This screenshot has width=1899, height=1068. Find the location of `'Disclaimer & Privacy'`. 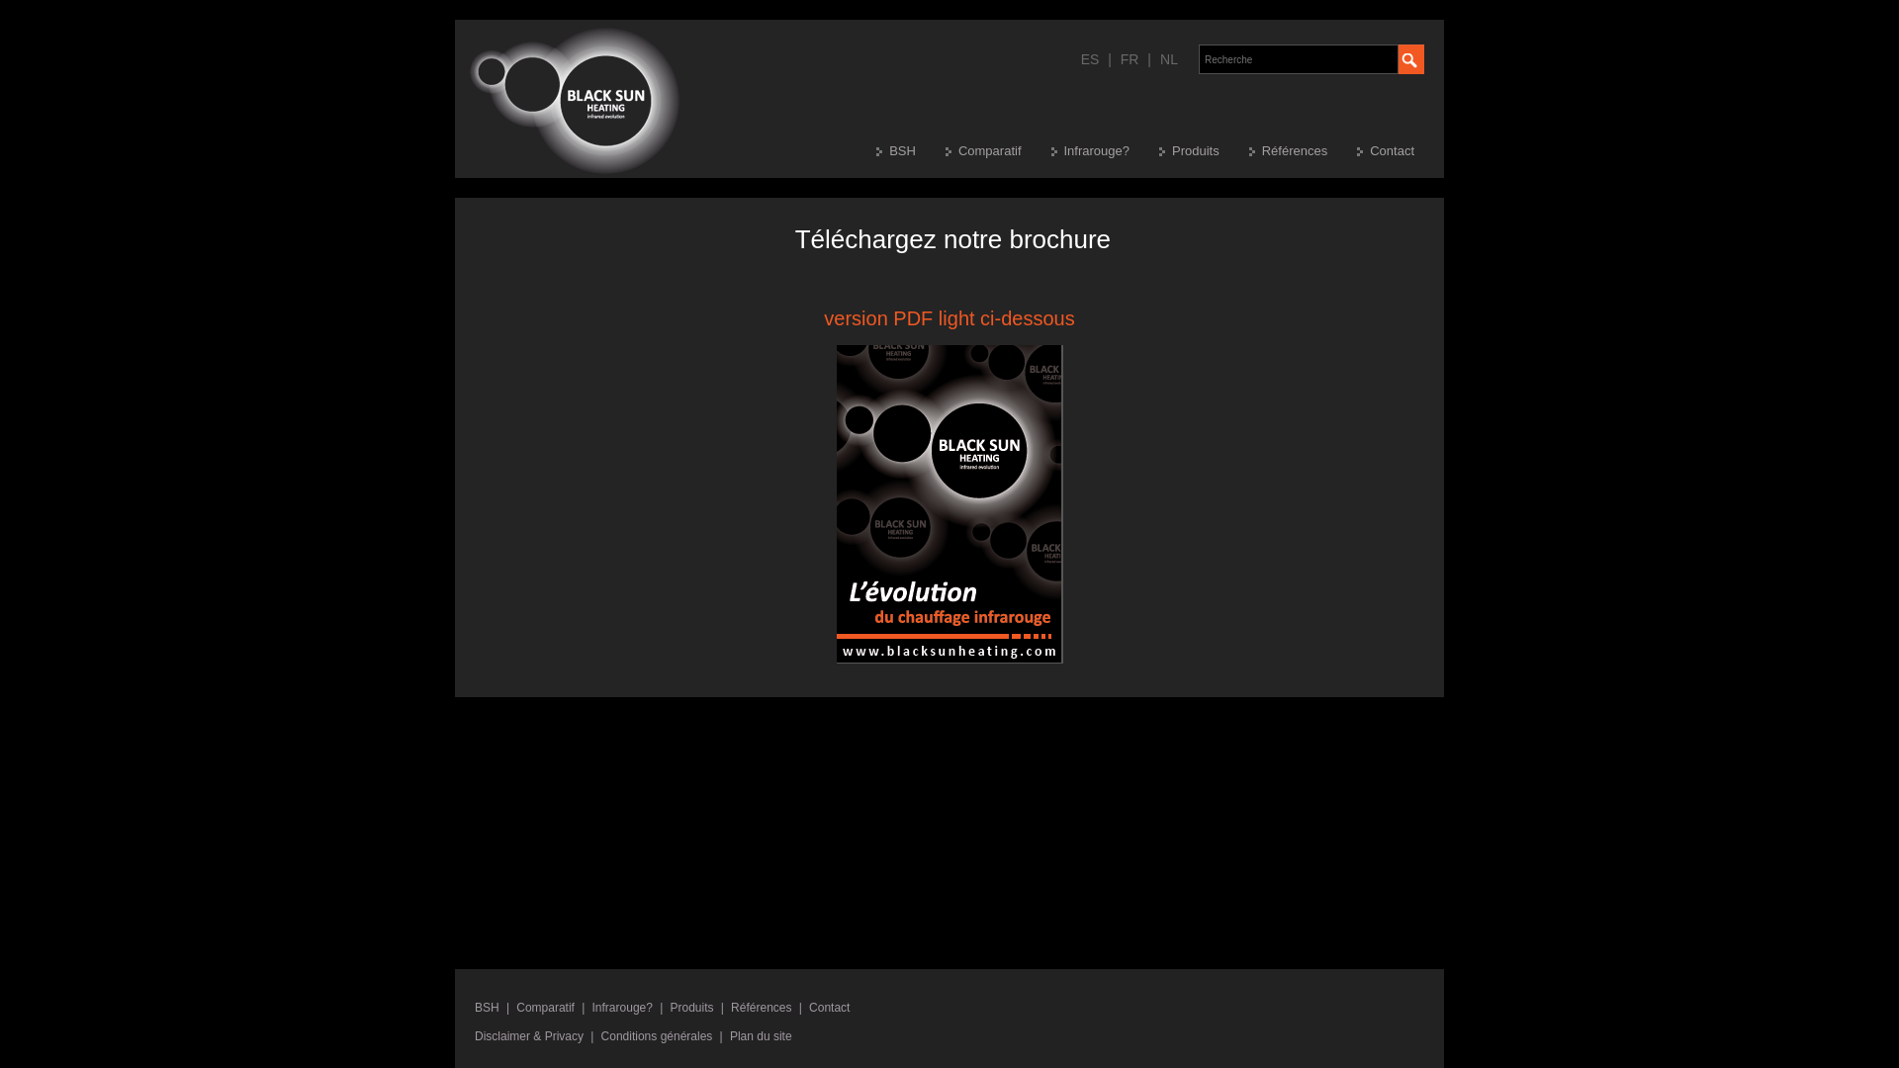

'Disclaimer & Privacy' is located at coordinates (528, 1035).